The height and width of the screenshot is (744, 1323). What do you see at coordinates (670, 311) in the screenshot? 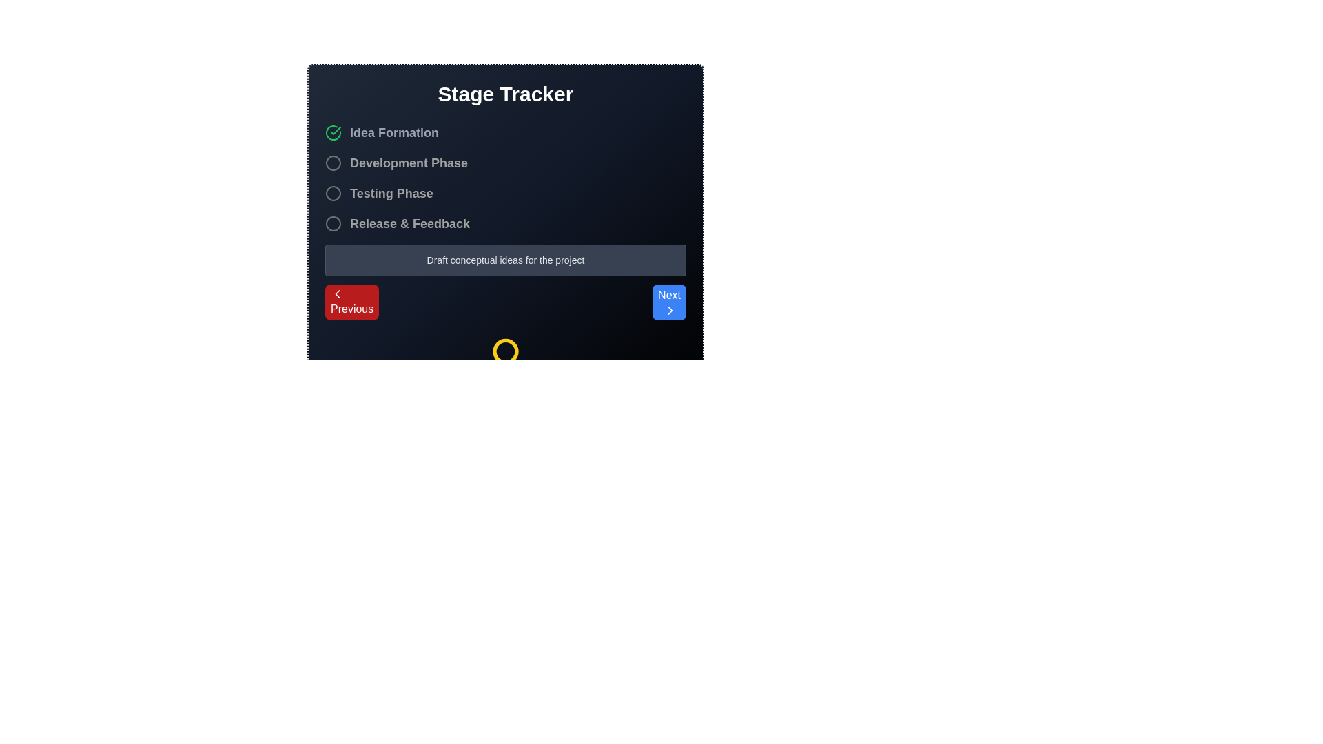
I see `the Chevron icon, which is a small right-pointing chevron with a thin white stroke, located within the 'Next' button at the bottom-right corner of the interface` at bounding box center [670, 311].